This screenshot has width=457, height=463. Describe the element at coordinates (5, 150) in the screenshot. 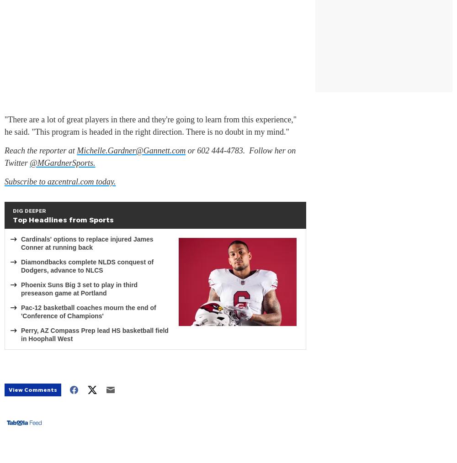

I see `'Reach the reporter at'` at that location.